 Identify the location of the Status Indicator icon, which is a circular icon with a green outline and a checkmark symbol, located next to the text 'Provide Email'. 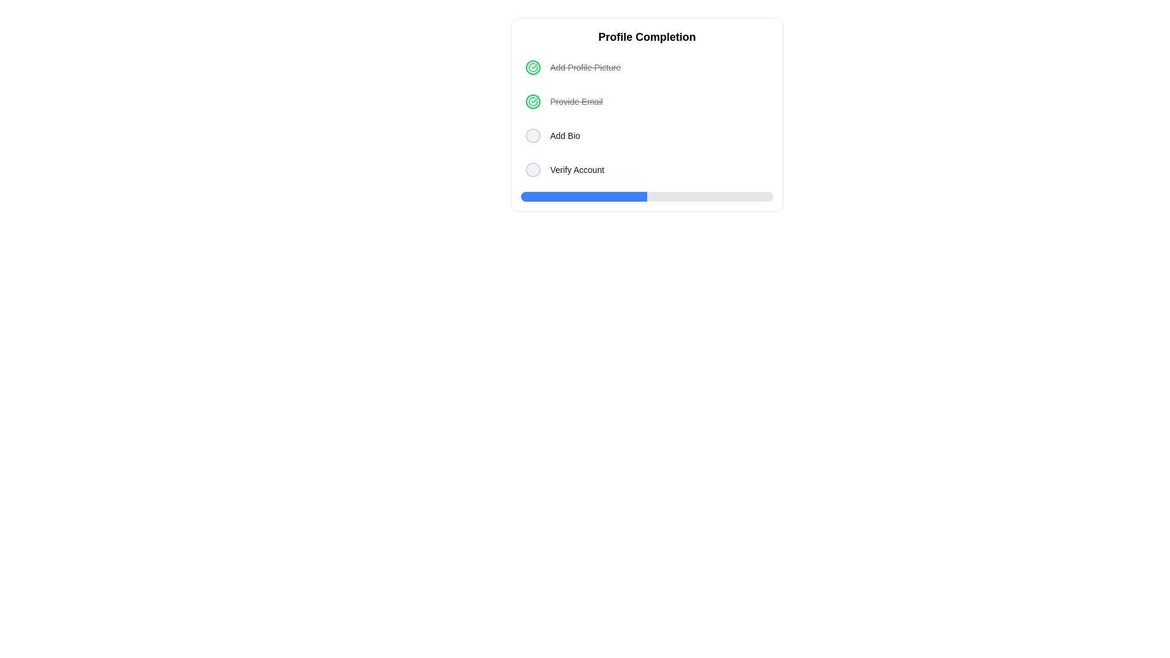
(533, 101).